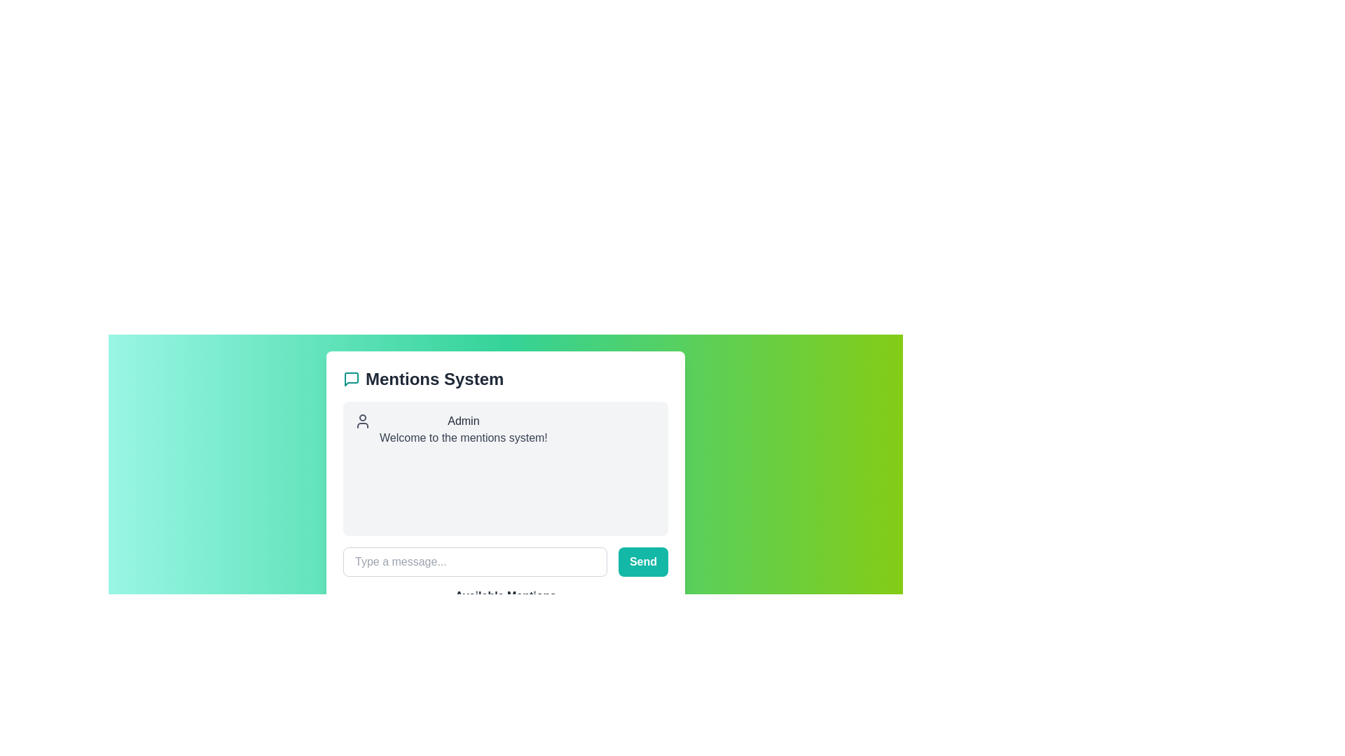 Image resolution: width=1345 pixels, height=756 pixels. Describe the element at coordinates (463, 437) in the screenshot. I see `the text label that reads 'Welcome to the mentions system!', which is styled with a gray font and located below the 'Admin' text in a chat-like interface` at that location.